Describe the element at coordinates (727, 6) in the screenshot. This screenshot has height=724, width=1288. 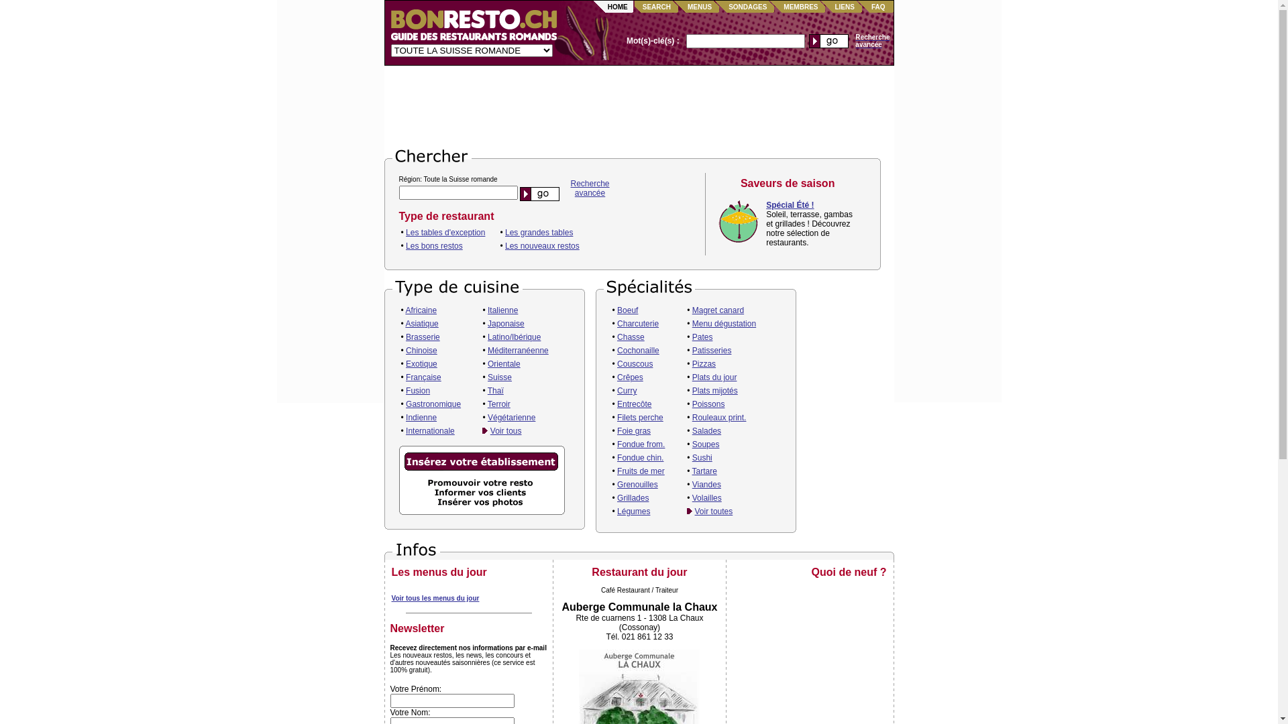
I see `'SONDAGES'` at that location.